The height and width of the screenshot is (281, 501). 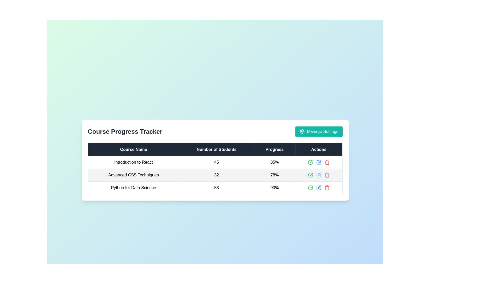 I want to click on the green circular icon with a checkmark in the 'Actions' column of the table for the course 'Python for Data Science', so click(x=310, y=188).